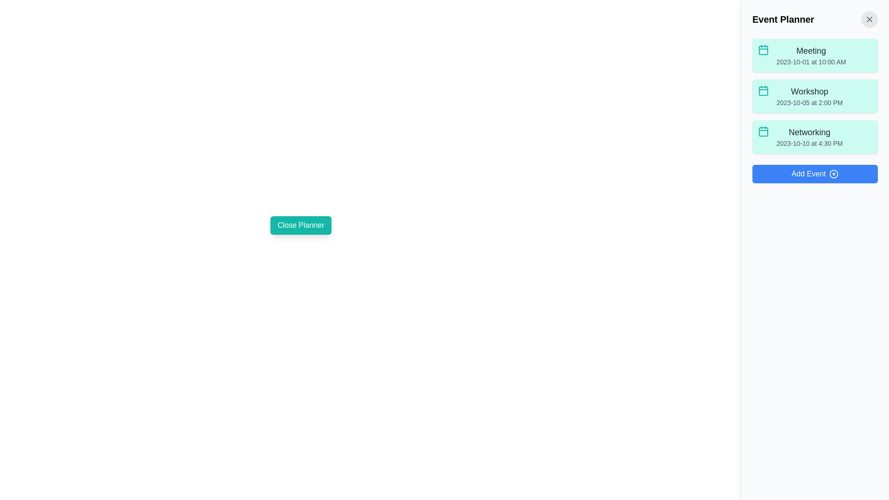  What do you see at coordinates (809, 96) in the screenshot?
I see `the 'Workshop' event list item` at bounding box center [809, 96].